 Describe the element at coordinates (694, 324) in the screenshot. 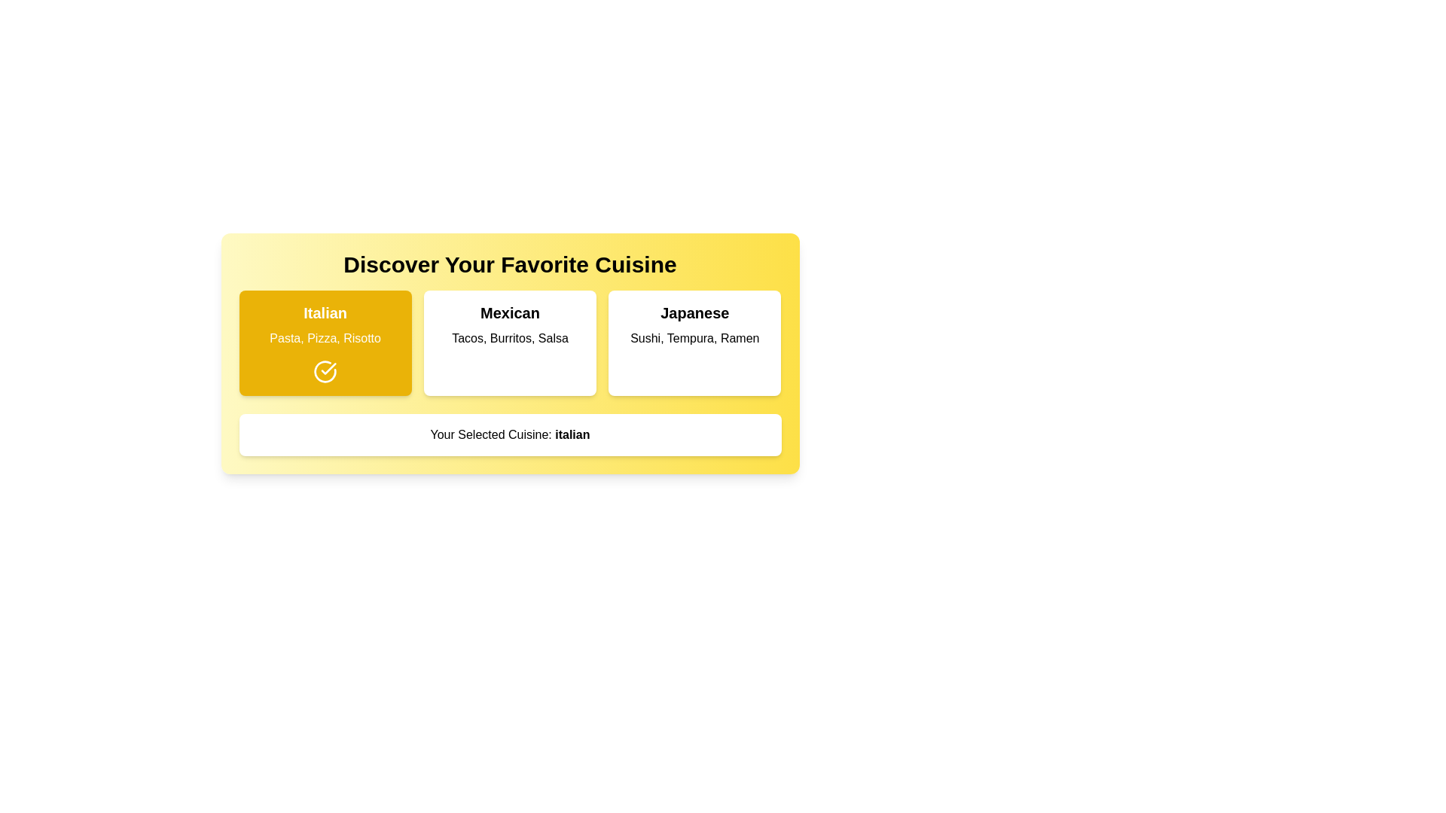

I see `the non-interactive text label that presents the name and examples of dishes characteristic of Japanese cuisine, located within the 'Japanese' cuisine option` at that location.